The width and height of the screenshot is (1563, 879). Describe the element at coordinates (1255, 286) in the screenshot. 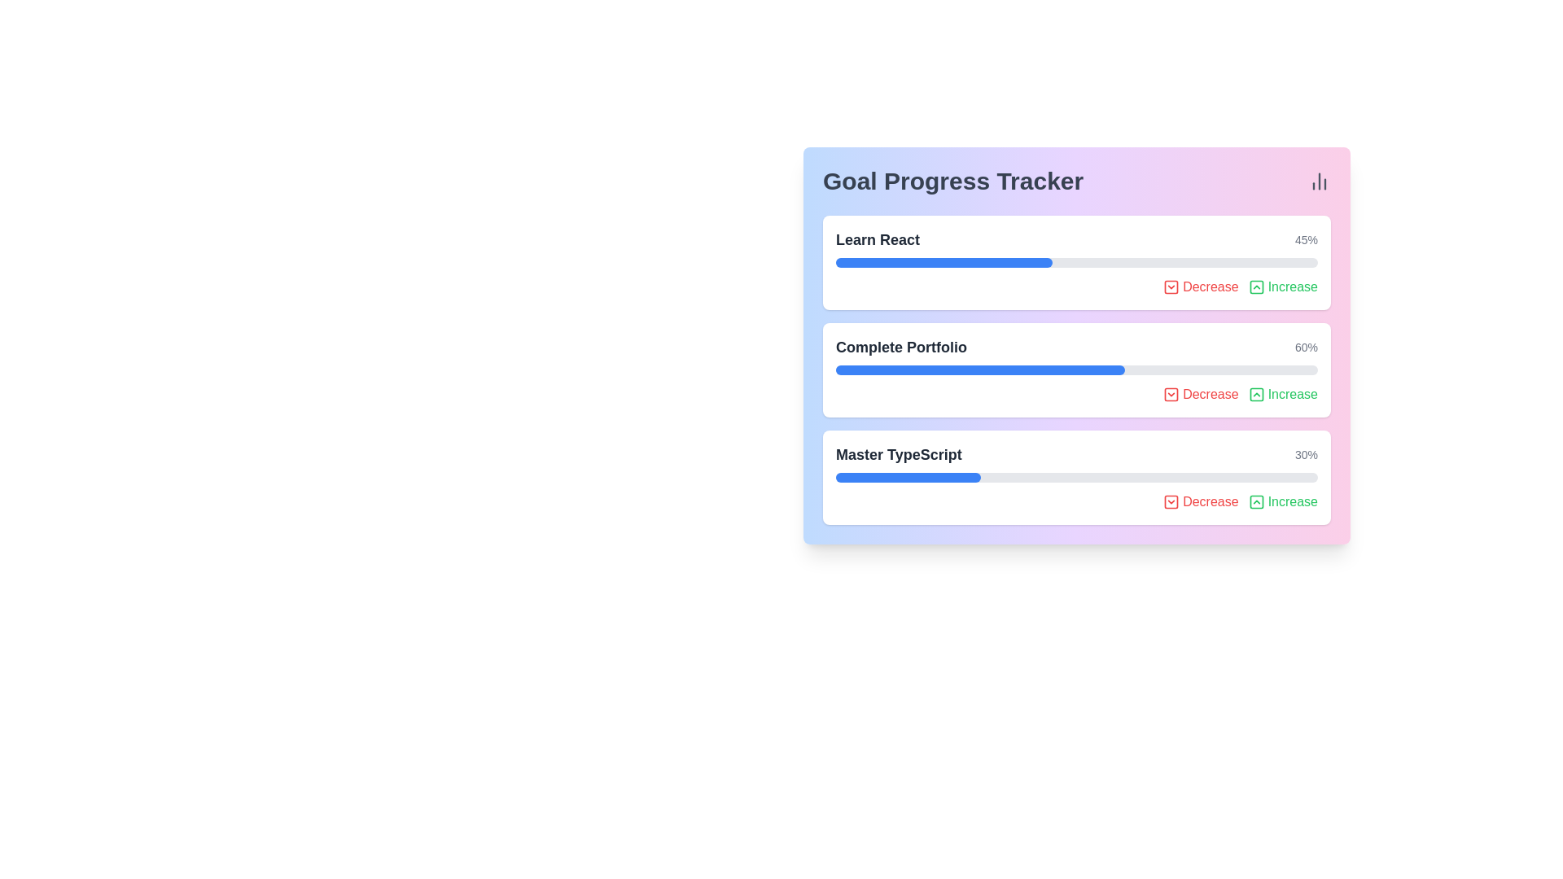

I see `the green outline square icon with an upwards chevron symbol in the 'Increase' action section, located adjacent to the text 'Increase'` at that location.